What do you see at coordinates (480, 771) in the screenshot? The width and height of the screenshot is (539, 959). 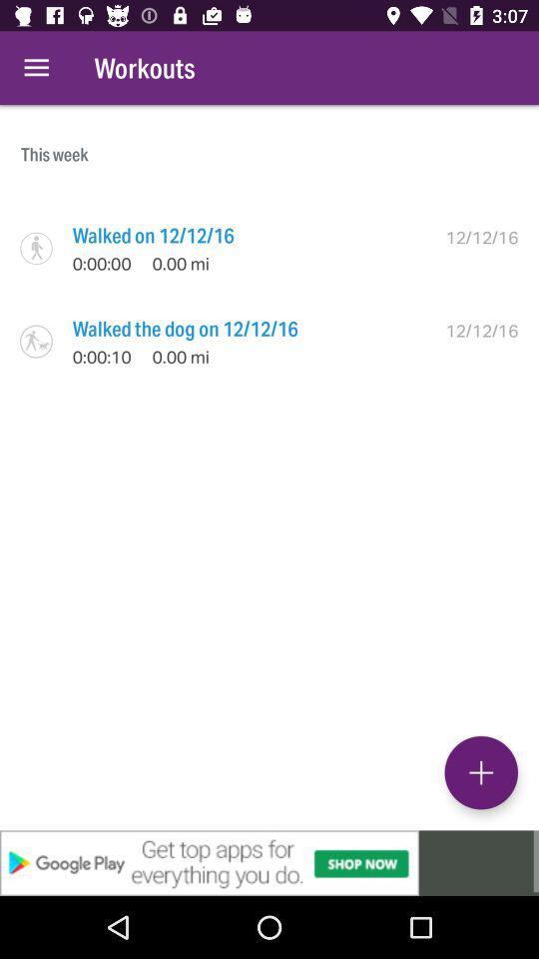 I see `workout information` at bounding box center [480, 771].